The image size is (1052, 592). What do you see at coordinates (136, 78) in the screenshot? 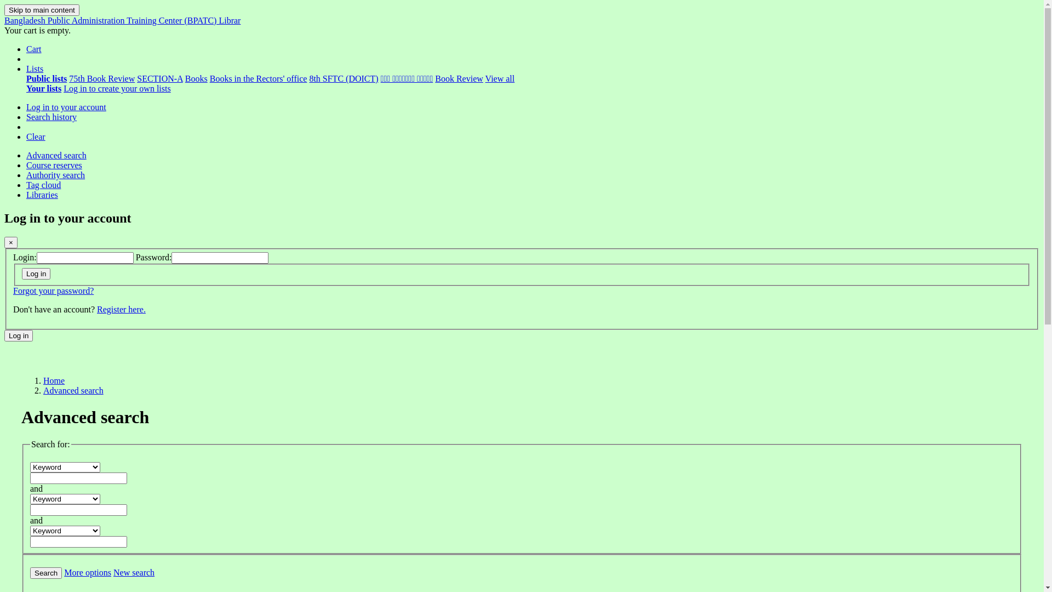
I see `'SECTION-A'` at bounding box center [136, 78].